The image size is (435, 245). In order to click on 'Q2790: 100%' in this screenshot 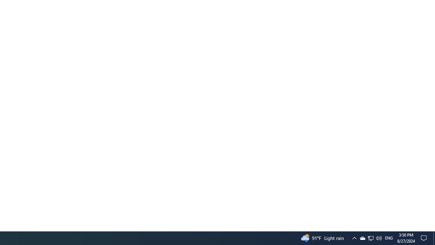, I will do `click(378, 238)`.